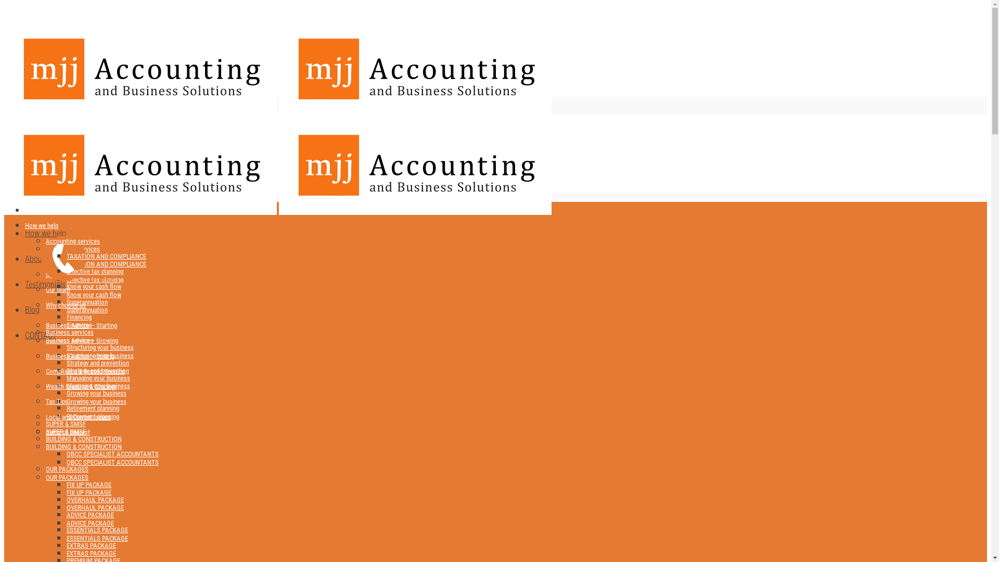 This screenshot has height=562, width=999. Describe the element at coordinates (57, 274) in the screenshot. I see `'Our story'` at that location.